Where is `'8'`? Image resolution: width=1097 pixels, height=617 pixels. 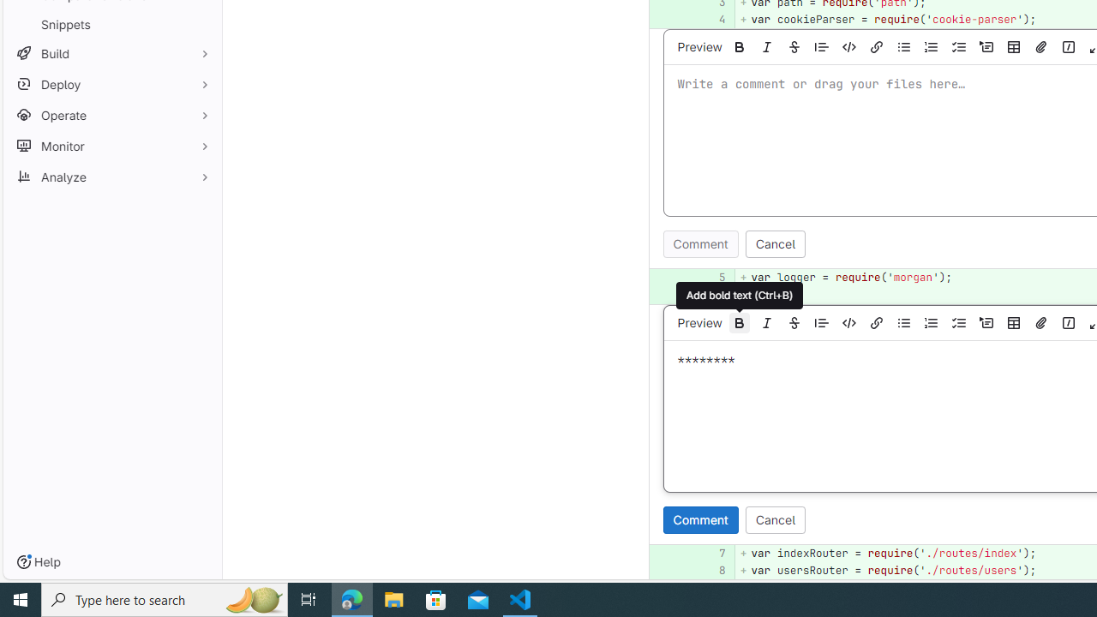
'8' is located at coordinates (713, 571).